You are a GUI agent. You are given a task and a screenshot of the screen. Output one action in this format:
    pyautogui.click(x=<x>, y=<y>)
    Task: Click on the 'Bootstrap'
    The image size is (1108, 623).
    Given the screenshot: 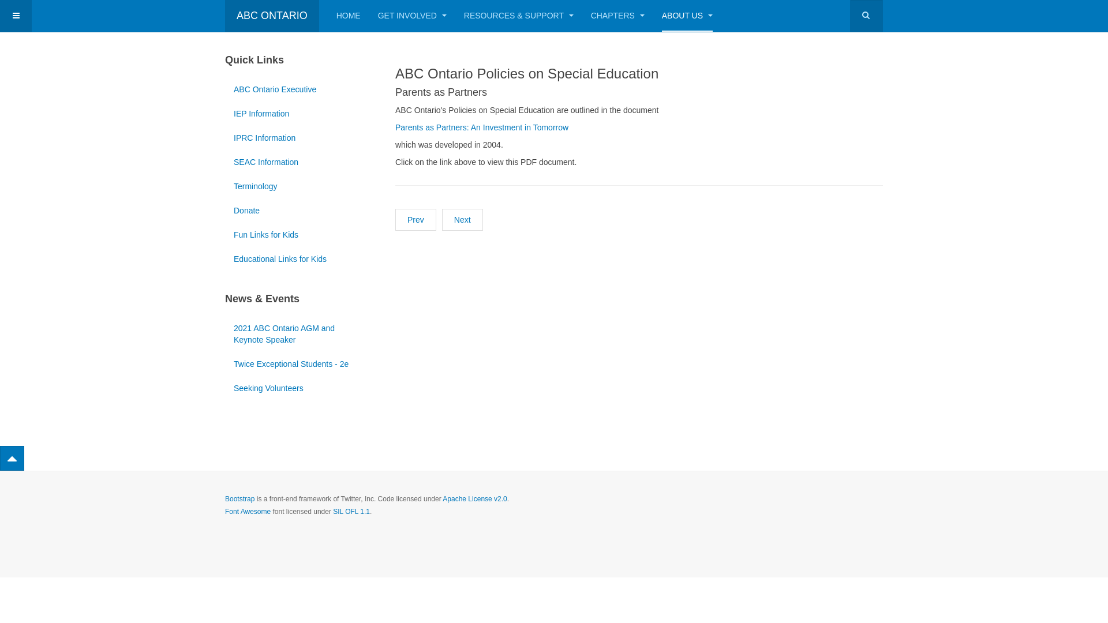 What is the action you would take?
    pyautogui.click(x=239, y=498)
    